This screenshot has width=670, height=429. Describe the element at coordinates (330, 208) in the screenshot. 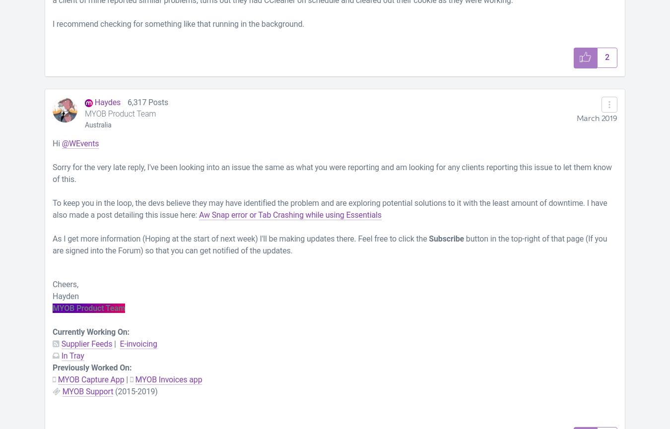

I see `'To keep you in the loop, the devs believe they may have identified the problem and are exploring potential solutions to it with the least amount of downtime. I have also made a post detailing this issue here:'` at that location.